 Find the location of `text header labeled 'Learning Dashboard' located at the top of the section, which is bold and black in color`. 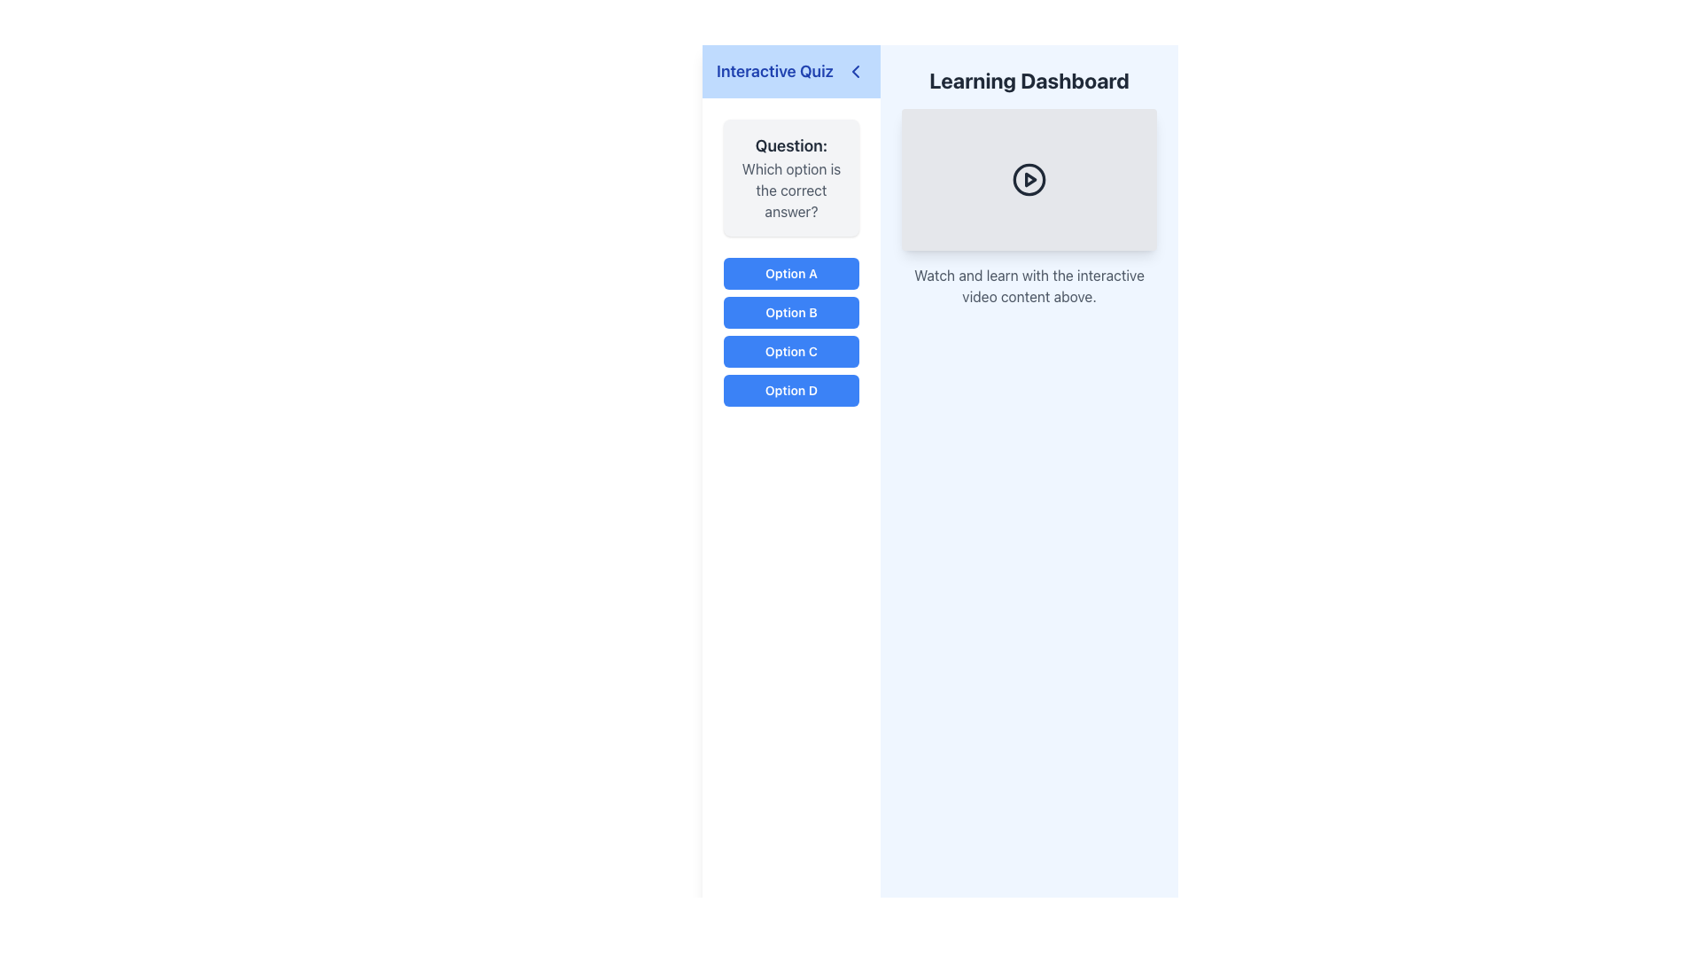

text header labeled 'Learning Dashboard' located at the top of the section, which is bold and black in color is located at coordinates (1029, 81).